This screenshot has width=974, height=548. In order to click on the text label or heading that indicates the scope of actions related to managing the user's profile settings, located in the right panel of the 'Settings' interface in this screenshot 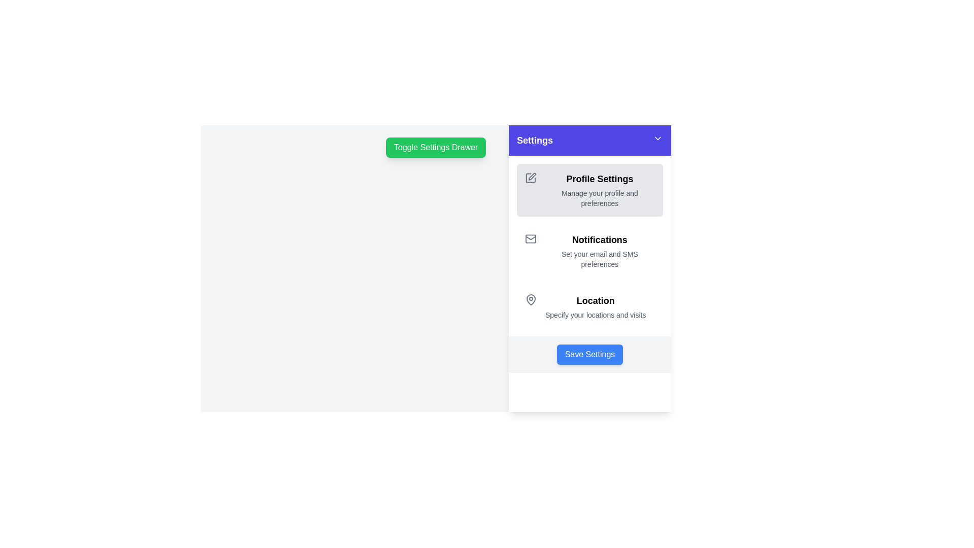, I will do `click(600, 179)`.